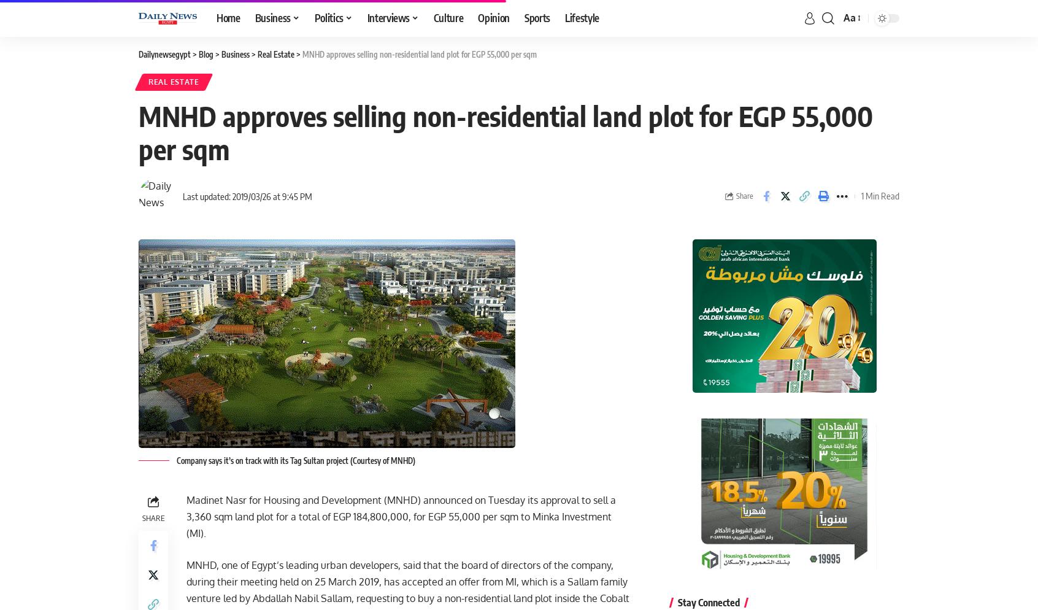 Image resolution: width=1038 pixels, height=610 pixels. Describe the element at coordinates (707, 601) in the screenshot. I see `'Stay Connected'` at that location.